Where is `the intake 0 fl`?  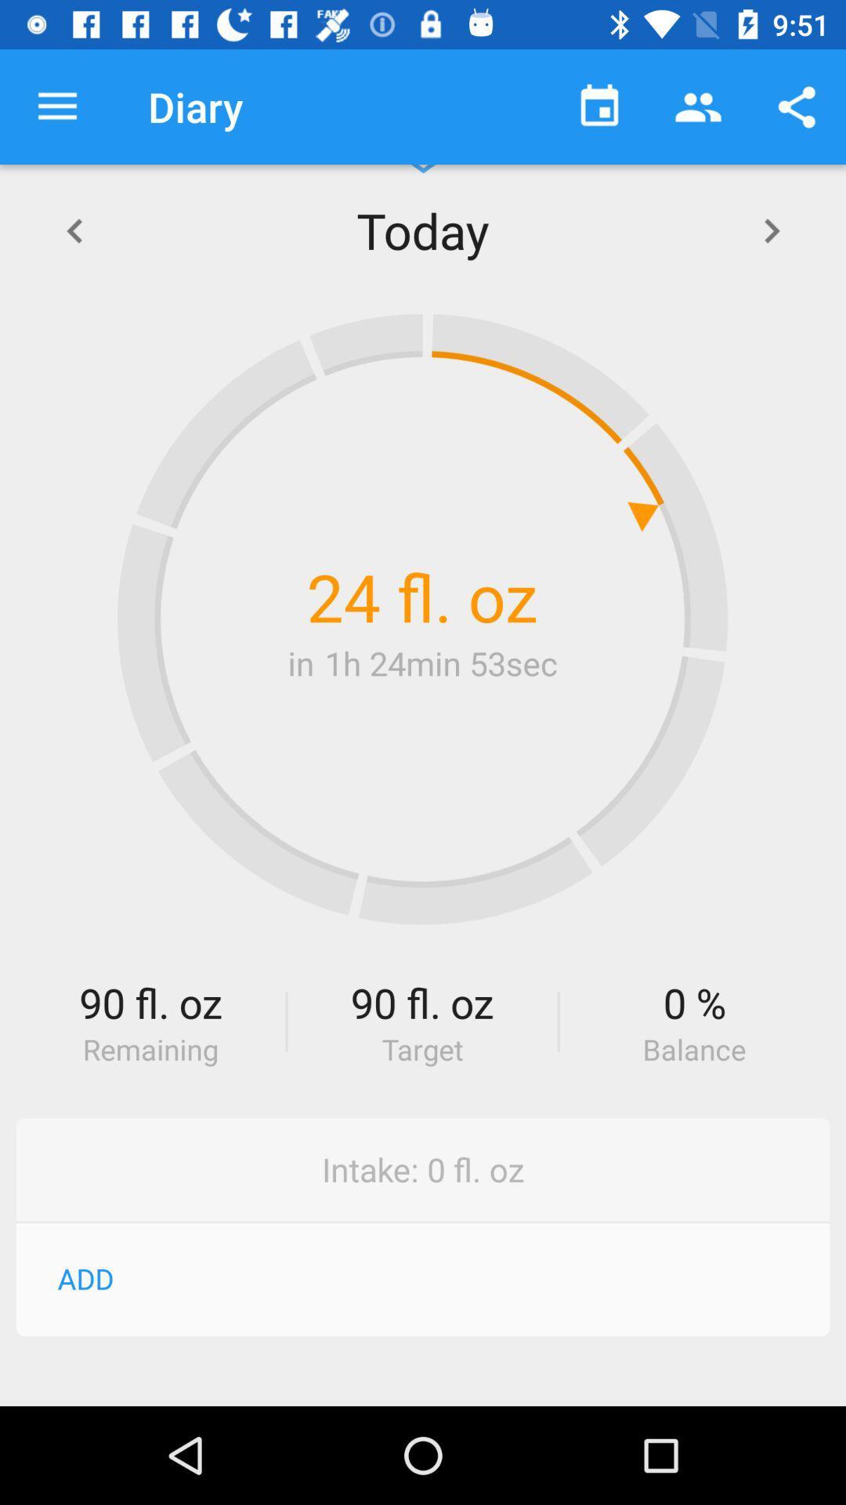 the intake 0 fl is located at coordinates (423, 1170).